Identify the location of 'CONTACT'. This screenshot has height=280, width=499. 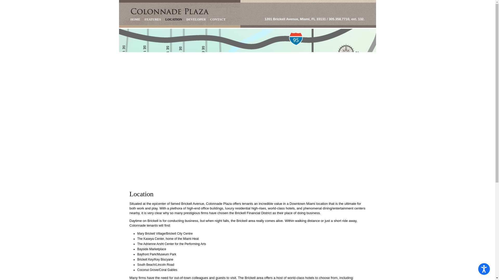
(218, 19).